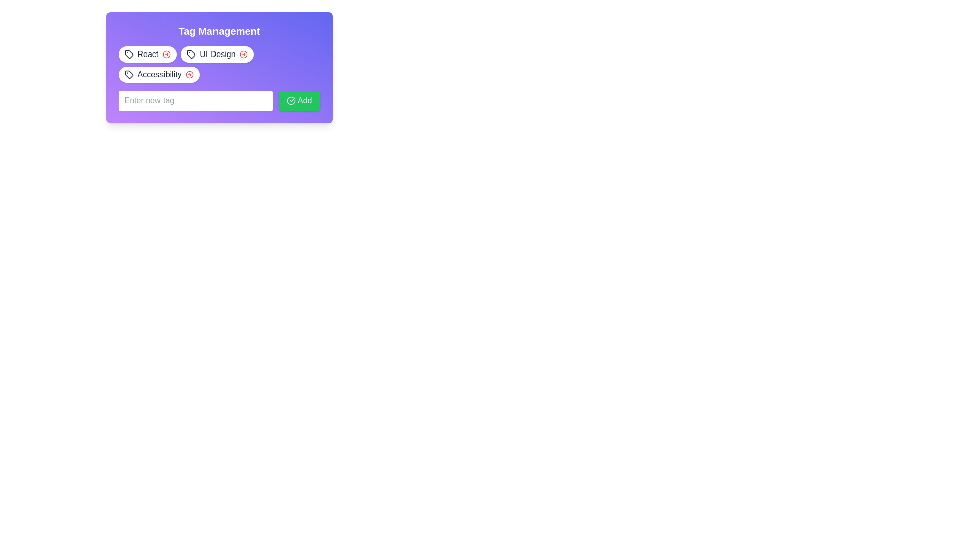 Image resolution: width=969 pixels, height=545 pixels. I want to click on the 'Add New Item' button located to the center-right of the input field, so click(299, 101).